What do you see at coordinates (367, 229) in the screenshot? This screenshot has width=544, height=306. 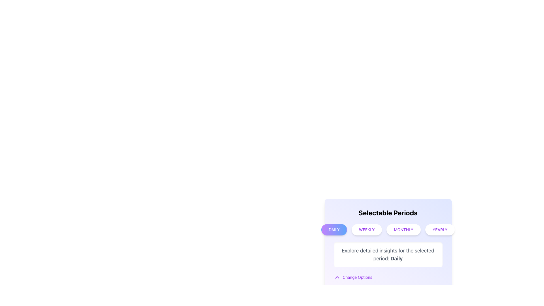 I see `the 'Weekly' button, which is the second button in a series of four buttons labeled 'Daily', 'Weekly', 'Monthly', and 'Yearly'` at bounding box center [367, 229].